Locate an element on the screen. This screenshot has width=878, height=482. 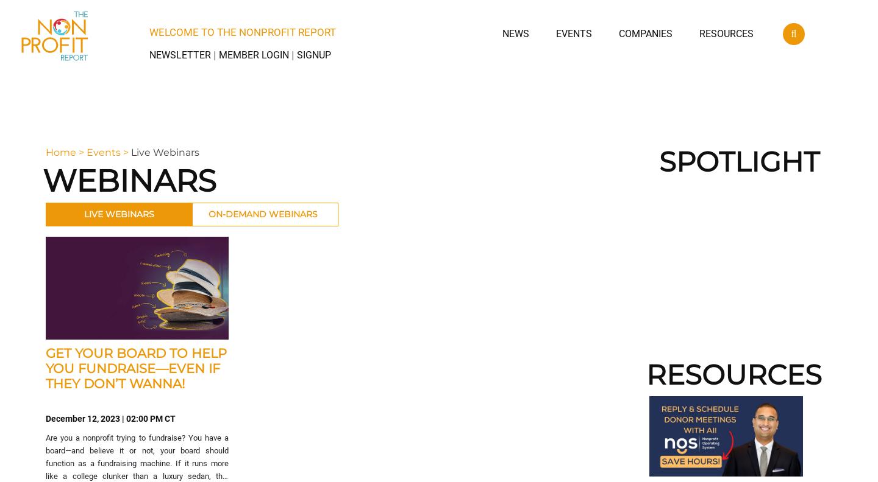
'Live WEBINARS' is located at coordinates (118, 214).